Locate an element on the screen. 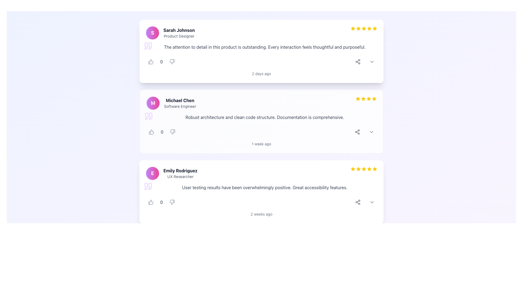 This screenshot has width=523, height=294. the fourth star icon in the rating component of Sarah Johnson's review card is located at coordinates (364, 28).